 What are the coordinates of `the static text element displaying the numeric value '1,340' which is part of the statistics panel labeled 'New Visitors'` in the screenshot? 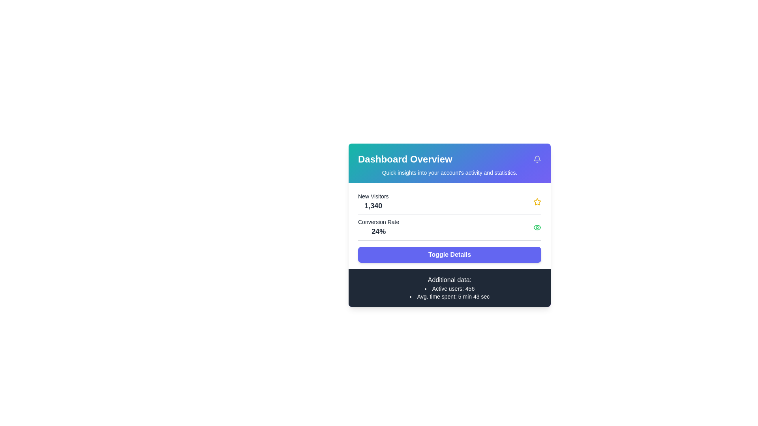 It's located at (373, 205).